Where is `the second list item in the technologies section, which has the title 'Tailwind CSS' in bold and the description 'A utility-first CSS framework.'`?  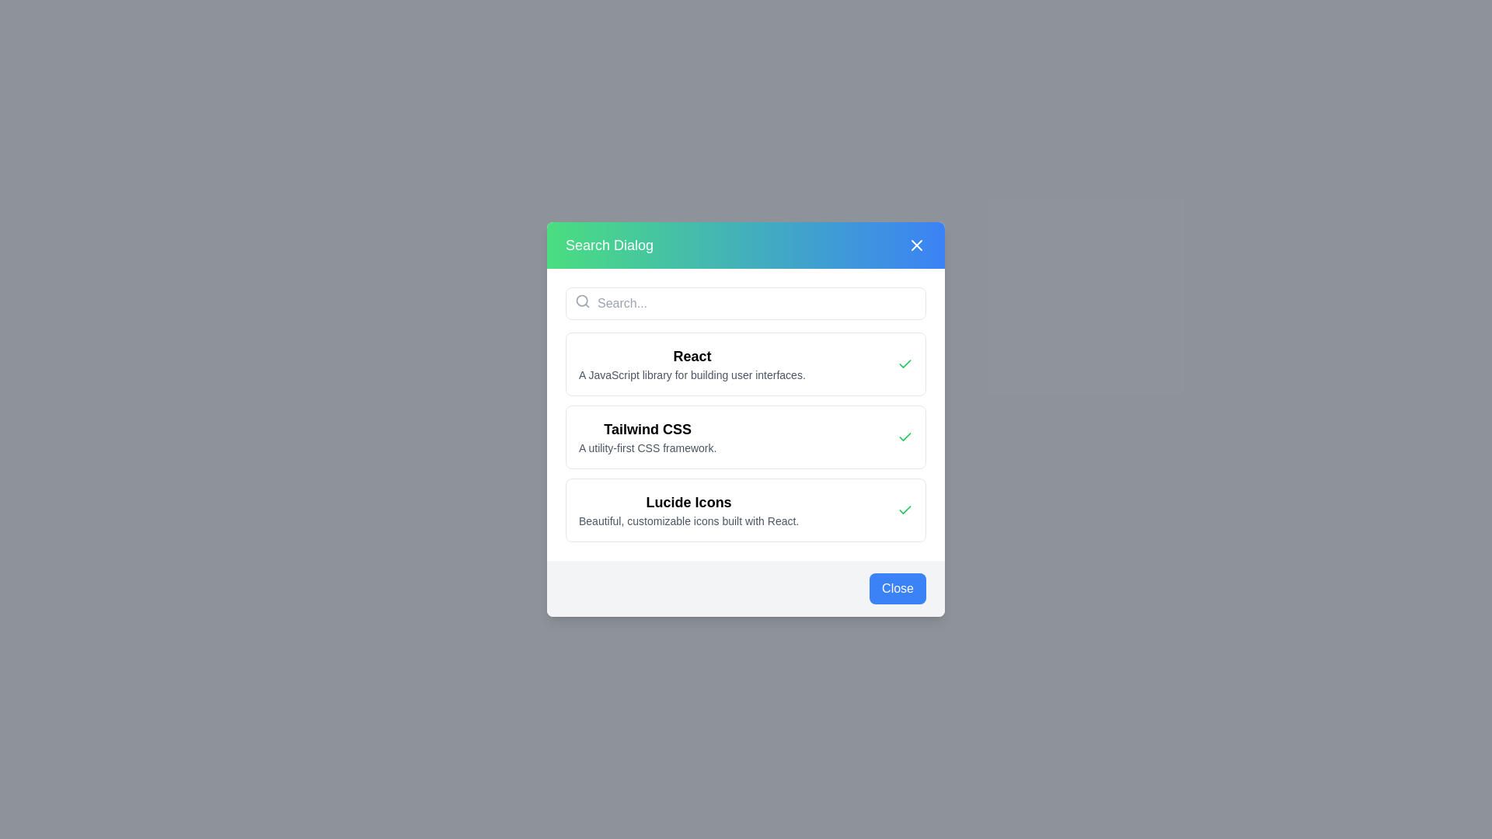 the second list item in the technologies section, which has the title 'Tailwind CSS' in bold and the description 'A utility-first CSS framework.' is located at coordinates (746, 437).